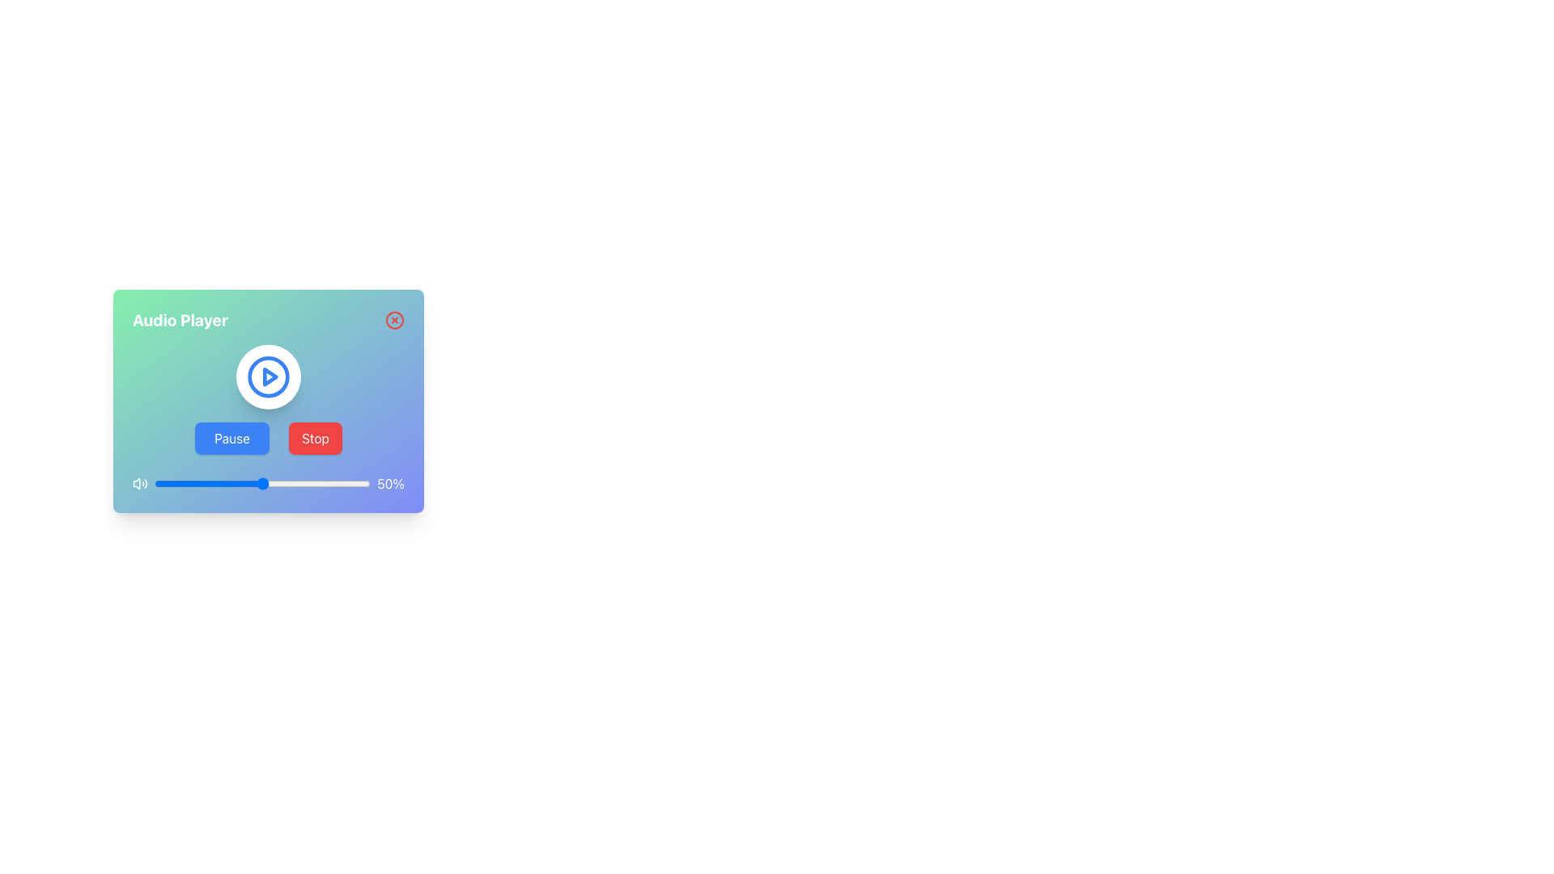 The image size is (1554, 874). Describe the element at coordinates (270, 377) in the screenshot. I see `the play indicator icon located in the central region of the audio player interface` at that location.